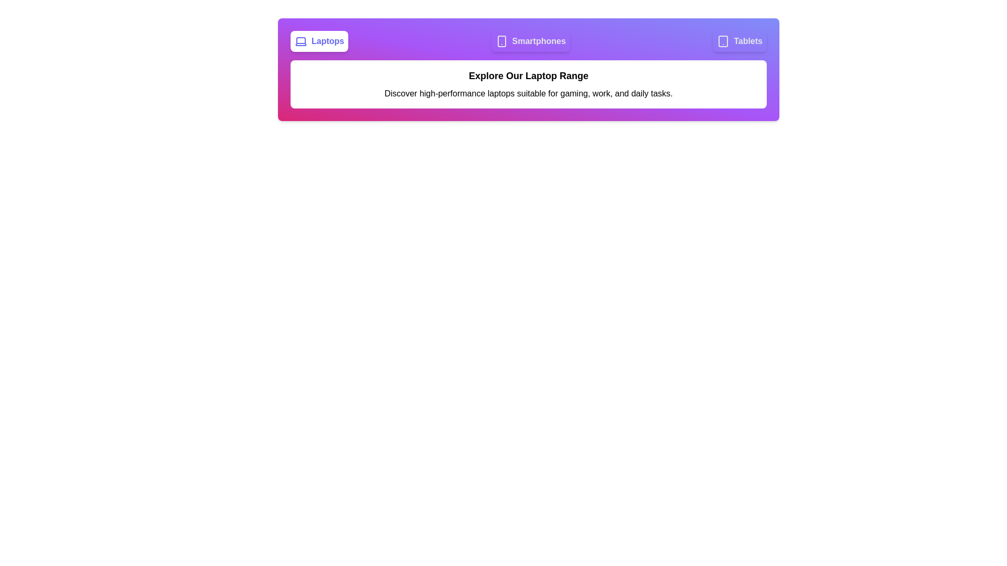 The image size is (1007, 566). I want to click on the tab labeled 'Tablets' to observe its hover effect, so click(740, 40).